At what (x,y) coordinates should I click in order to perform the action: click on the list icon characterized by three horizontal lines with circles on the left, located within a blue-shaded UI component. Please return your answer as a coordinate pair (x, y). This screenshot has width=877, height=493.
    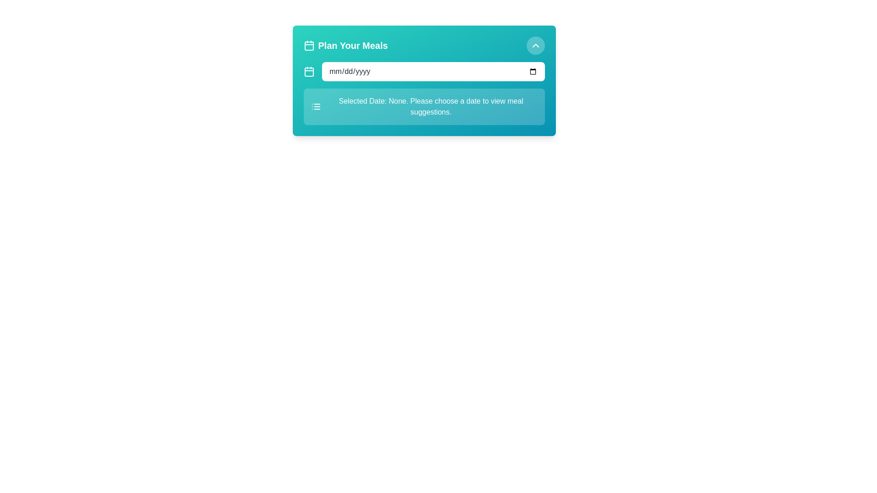
    Looking at the image, I should click on (316, 106).